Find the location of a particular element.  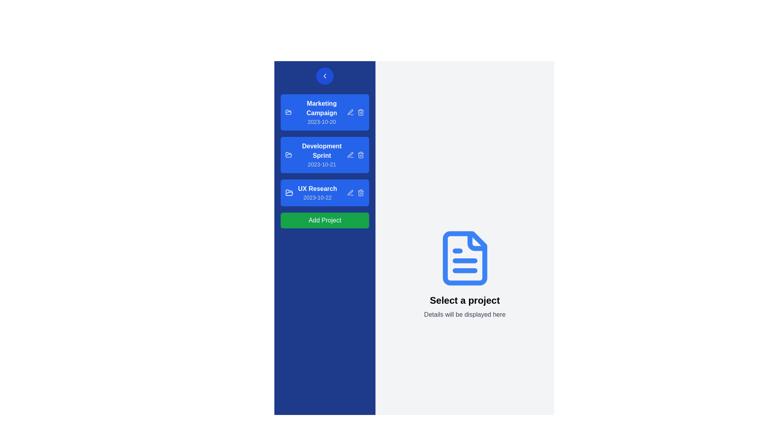

the blue outlined SVG icon resembling an open folder associated with 'UX Research' is located at coordinates (289, 193).